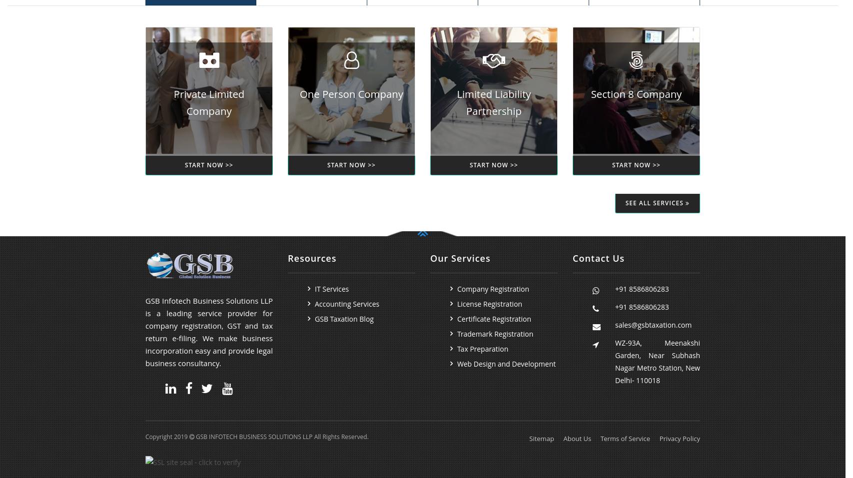  Describe the element at coordinates (340, 437) in the screenshot. I see `'All Rights Reserved.'` at that location.